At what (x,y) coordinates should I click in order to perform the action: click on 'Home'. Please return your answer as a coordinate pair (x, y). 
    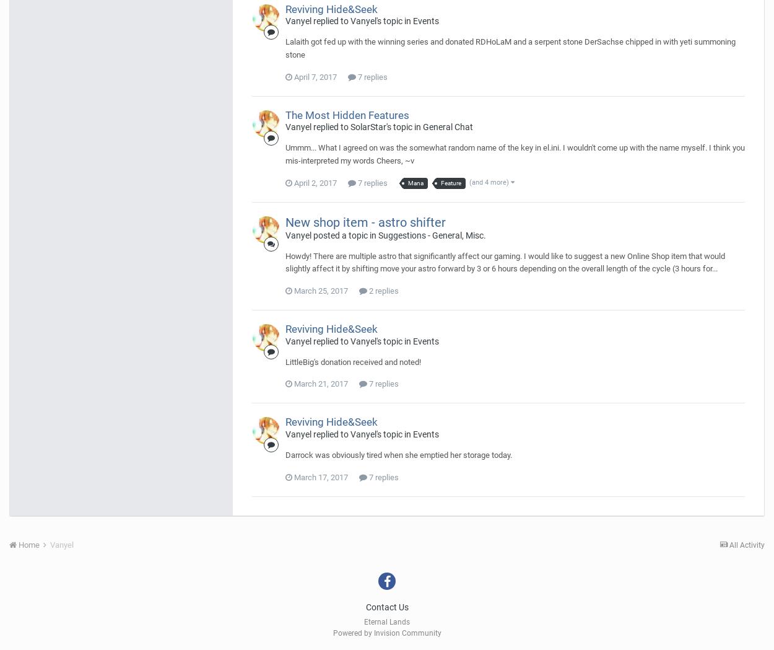
    Looking at the image, I should click on (17, 544).